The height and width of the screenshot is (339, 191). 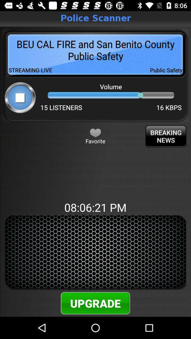 I want to click on breaking, so click(x=166, y=136).